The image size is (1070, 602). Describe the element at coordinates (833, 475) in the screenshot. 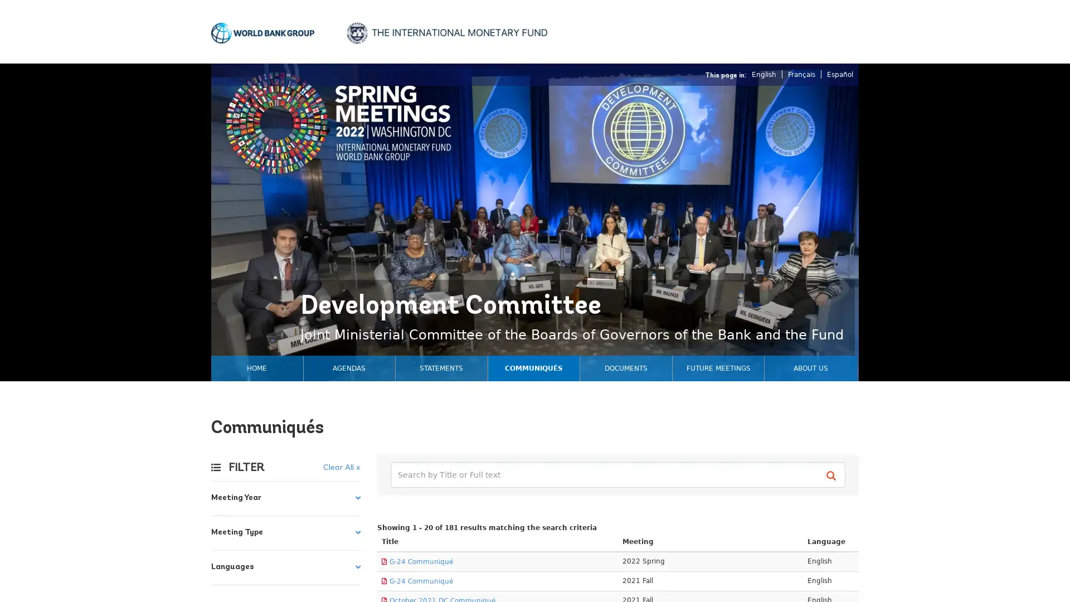

I see `<i class="fas fa-search"></i>` at that location.